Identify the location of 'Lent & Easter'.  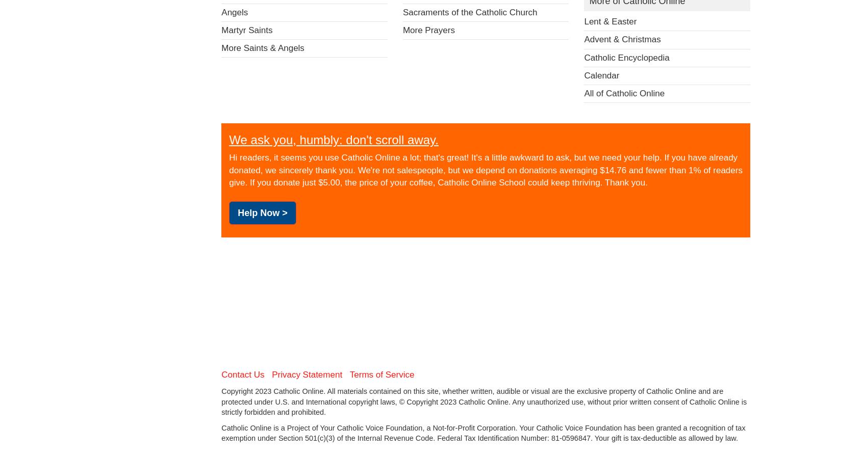
(610, 21).